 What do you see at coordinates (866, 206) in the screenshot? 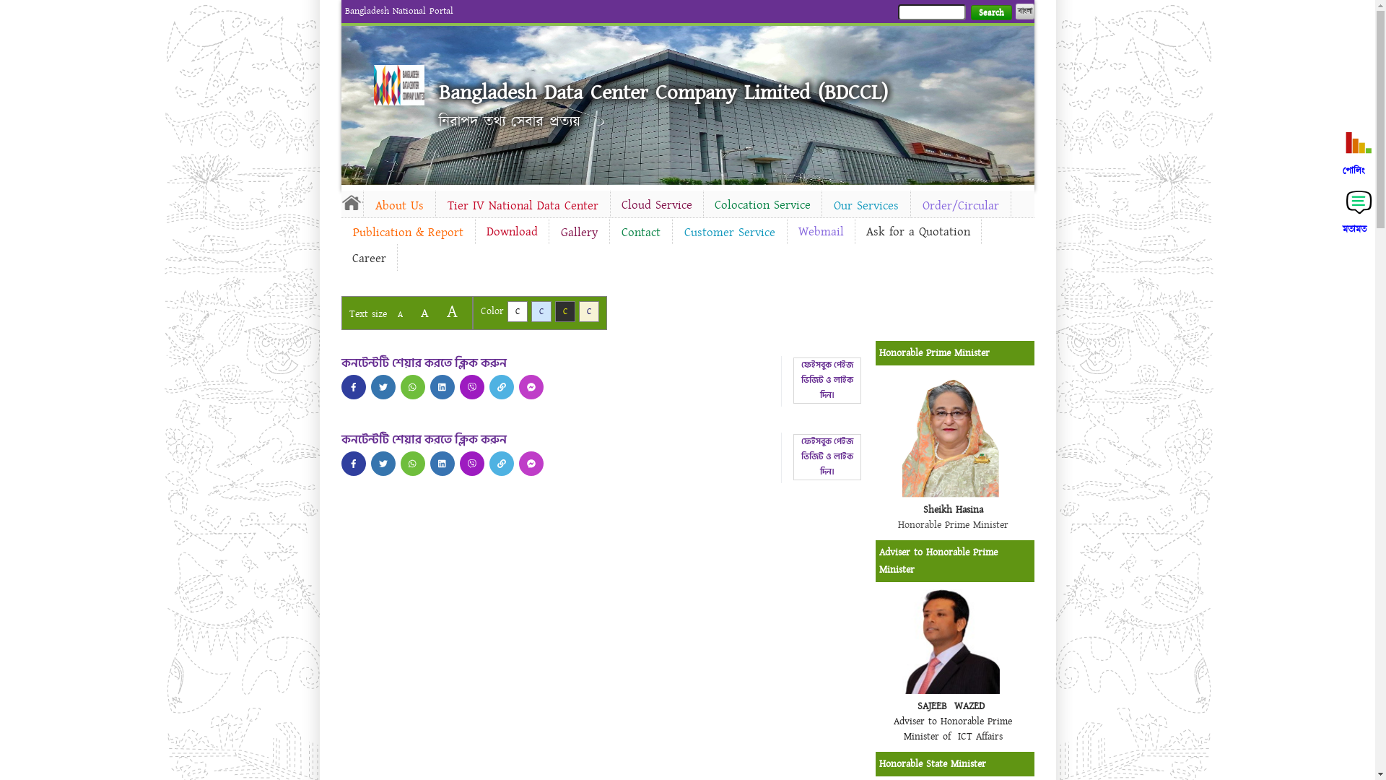
I see `'Our Services'` at bounding box center [866, 206].